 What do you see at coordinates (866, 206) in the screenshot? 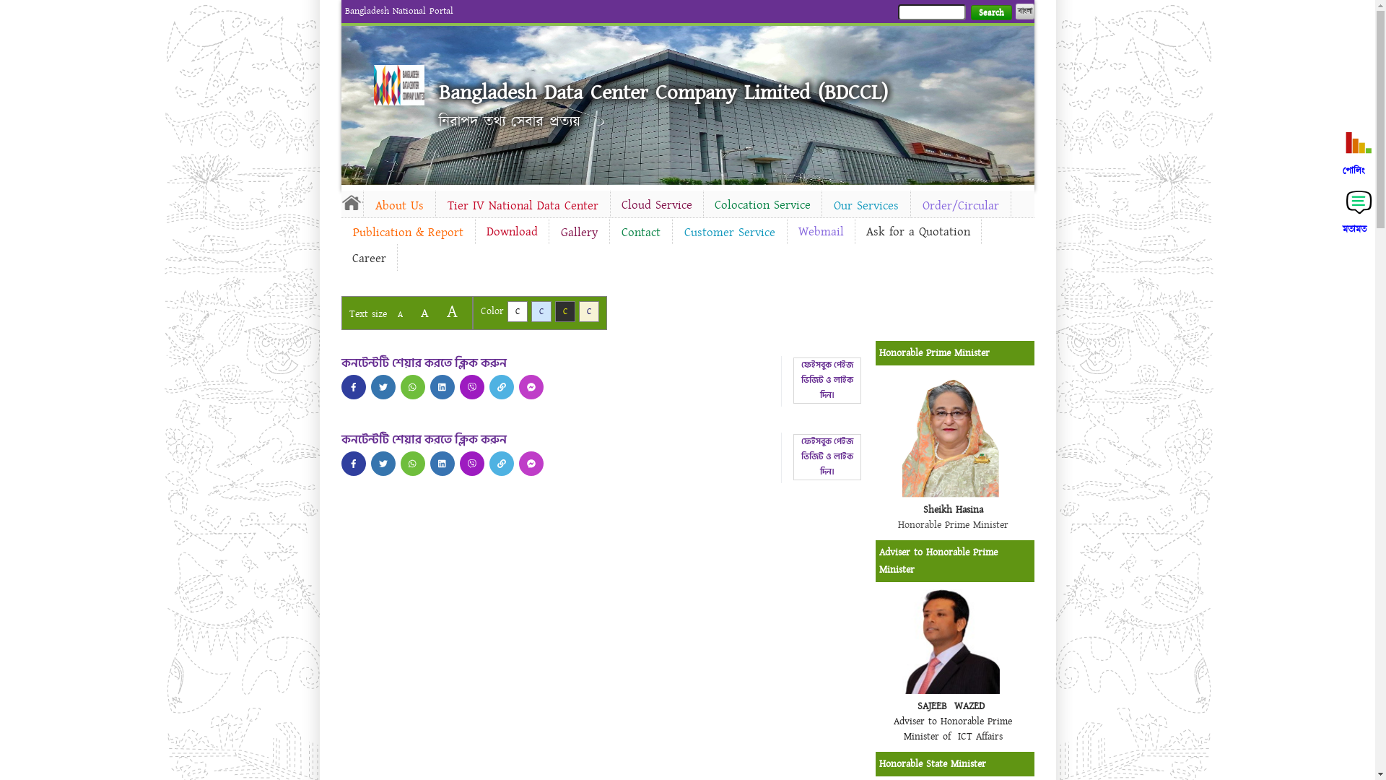
I see `'Our Services'` at bounding box center [866, 206].